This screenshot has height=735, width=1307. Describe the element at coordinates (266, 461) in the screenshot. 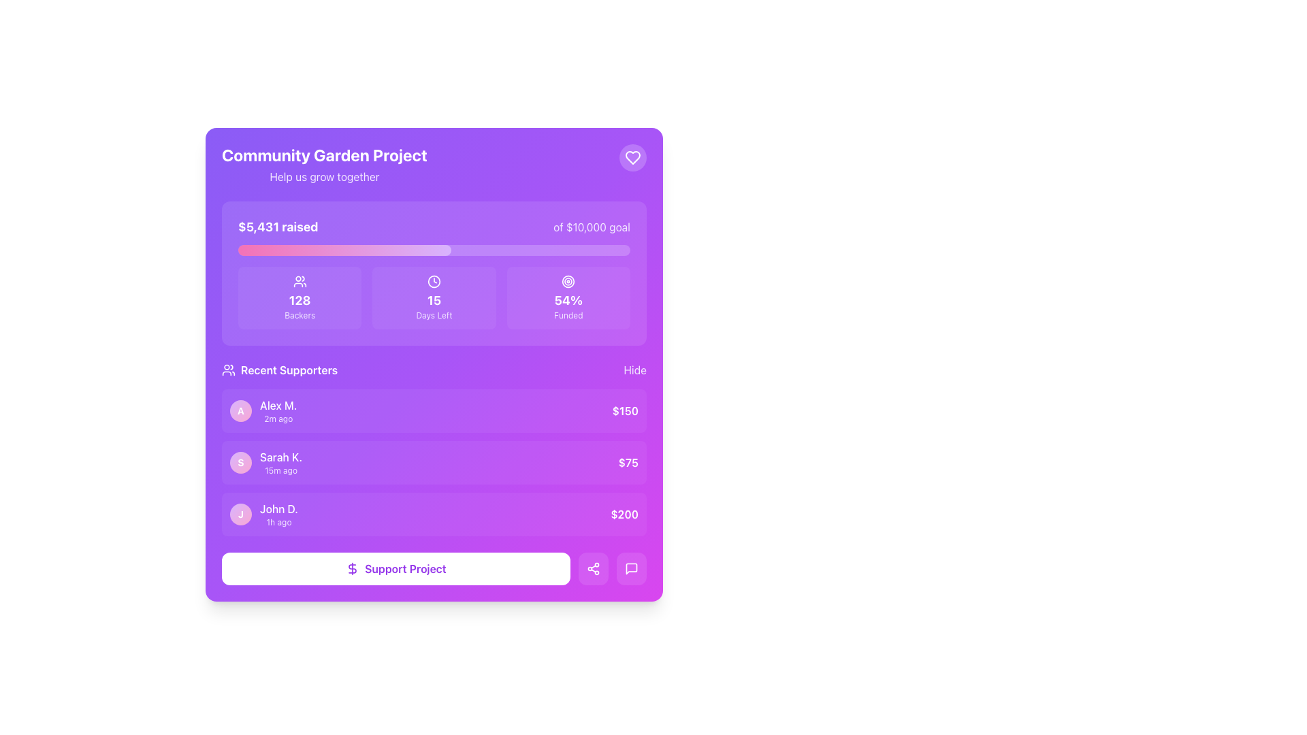

I see `the avatar of the second list item in the 'Recent Supporters' section` at that location.